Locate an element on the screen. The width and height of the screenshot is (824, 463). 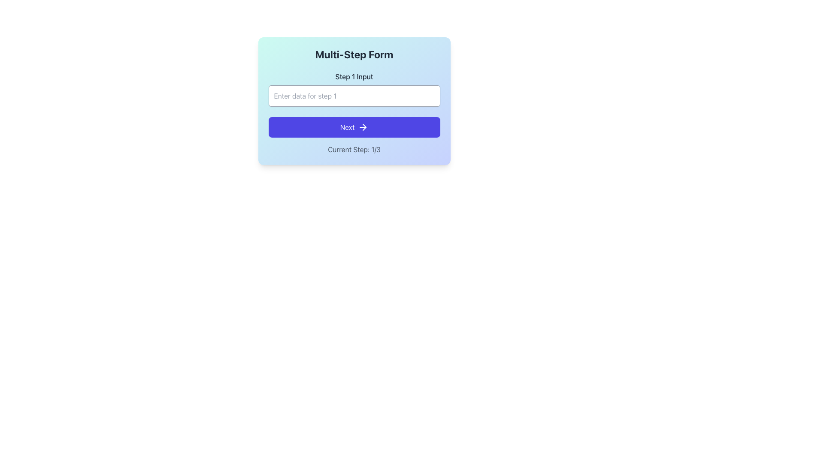
the text label displaying 'Step 1 Input', which is styled in gray with medium font weight and positioned above the input field in the step-based form interface is located at coordinates (354, 76).